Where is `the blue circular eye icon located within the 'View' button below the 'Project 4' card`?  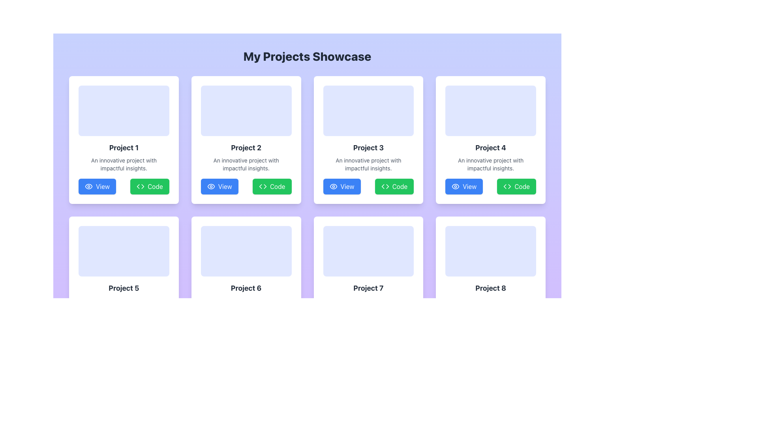
the blue circular eye icon located within the 'View' button below the 'Project 4' card is located at coordinates (456, 187).